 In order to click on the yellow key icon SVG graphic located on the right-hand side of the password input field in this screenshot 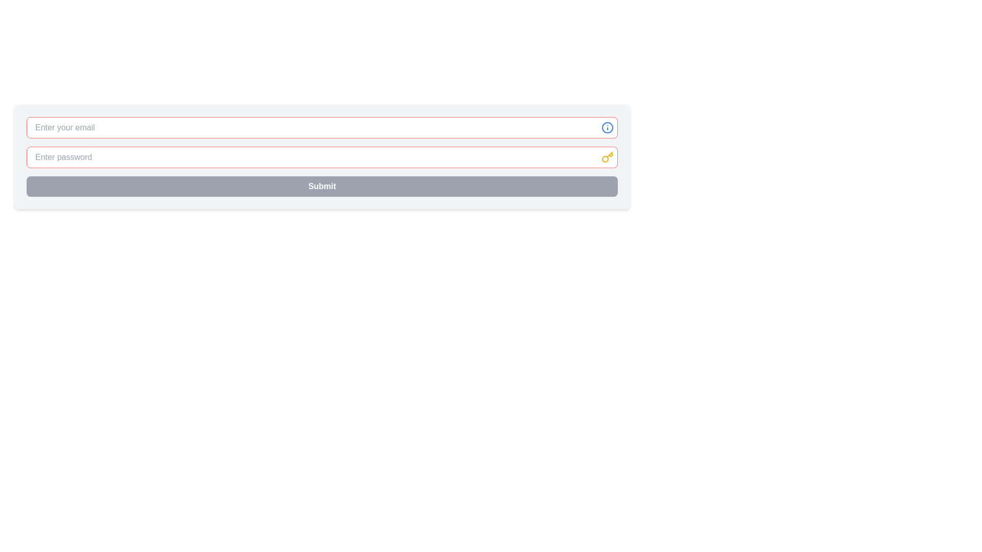, I will do `click(608, 157)`.